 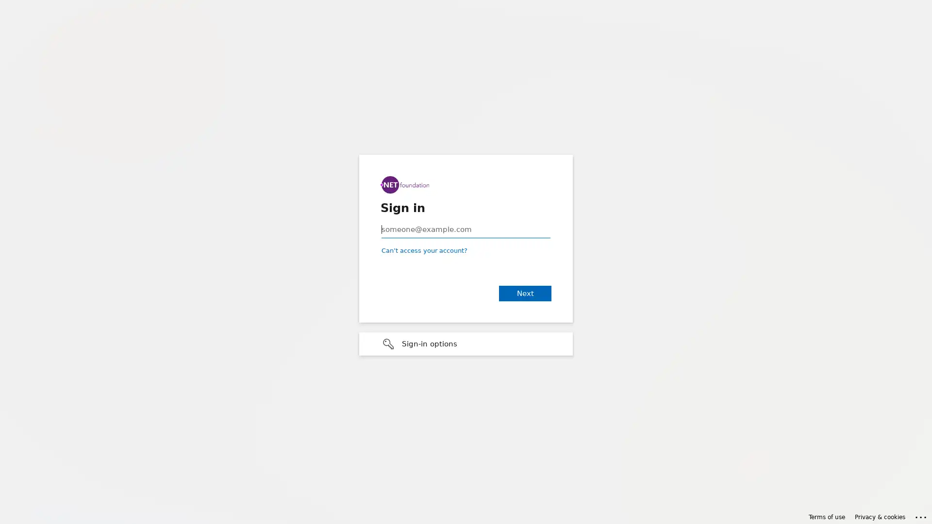 What do you see at coordinates (524, 293) in the screenshot?
I see `Next` at bounding box center [524, 293].